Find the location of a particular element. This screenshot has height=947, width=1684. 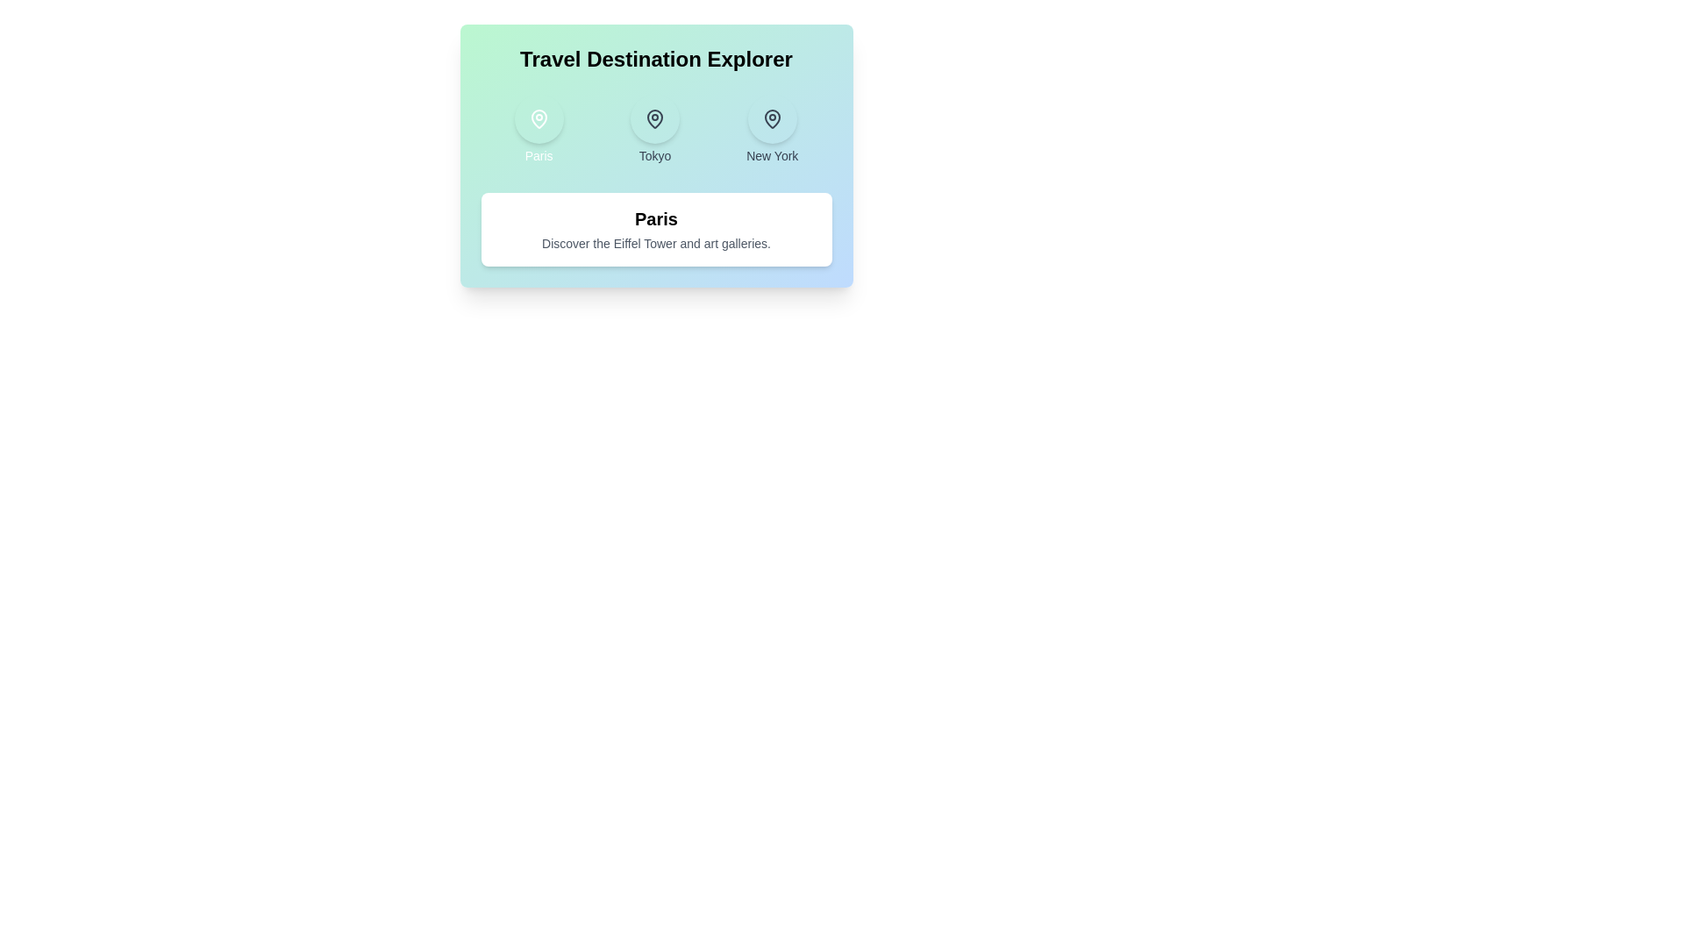

the text label displaying 'Paris' located within a gradient card in the top center section of the interface is located at coordinates (538, 154).